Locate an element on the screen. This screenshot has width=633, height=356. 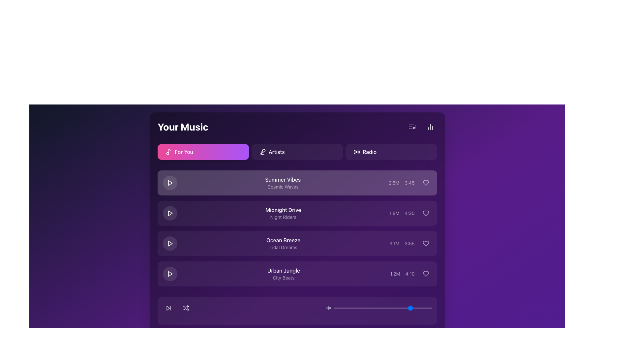
the text label displaying the duration value '3:45' in the list of song details for 'Summer Vibes' is located at coordinates (409, 183).